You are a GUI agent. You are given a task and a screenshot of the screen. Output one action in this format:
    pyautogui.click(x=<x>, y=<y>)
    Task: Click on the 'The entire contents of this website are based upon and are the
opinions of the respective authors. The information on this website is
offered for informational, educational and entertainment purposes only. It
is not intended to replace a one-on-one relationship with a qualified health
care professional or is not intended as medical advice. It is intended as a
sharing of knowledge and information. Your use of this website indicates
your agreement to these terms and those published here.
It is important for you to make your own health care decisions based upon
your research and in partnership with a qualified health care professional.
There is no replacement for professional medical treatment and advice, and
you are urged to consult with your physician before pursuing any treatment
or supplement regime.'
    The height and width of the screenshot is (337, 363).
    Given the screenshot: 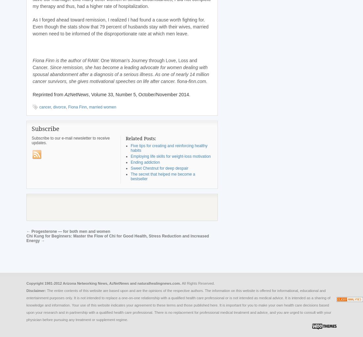 What is the action you would take?
    pyautogui.click(x=179, y=305)
    